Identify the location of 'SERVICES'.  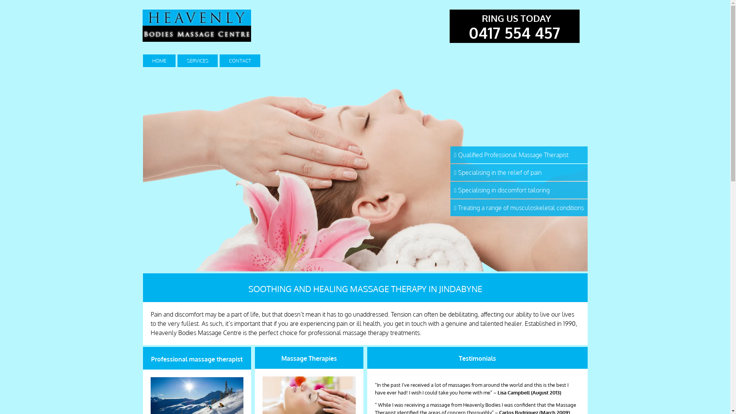
(197, 60).